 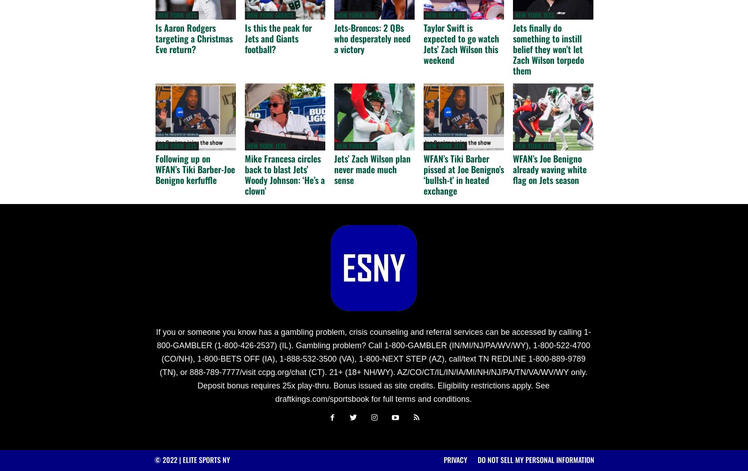 What do you see at coordinates (191, 459) in the screenshot?
I see `'© 2022 | ELITE SPORTS NY'` at bounding box center [191, 459].